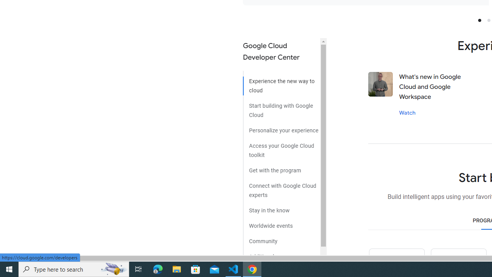 This screenshot has width=492, height=277. Describe the element at coordinates (281, 83) in the screenshot. I see `'Experience the new way to cloud'` at that location.